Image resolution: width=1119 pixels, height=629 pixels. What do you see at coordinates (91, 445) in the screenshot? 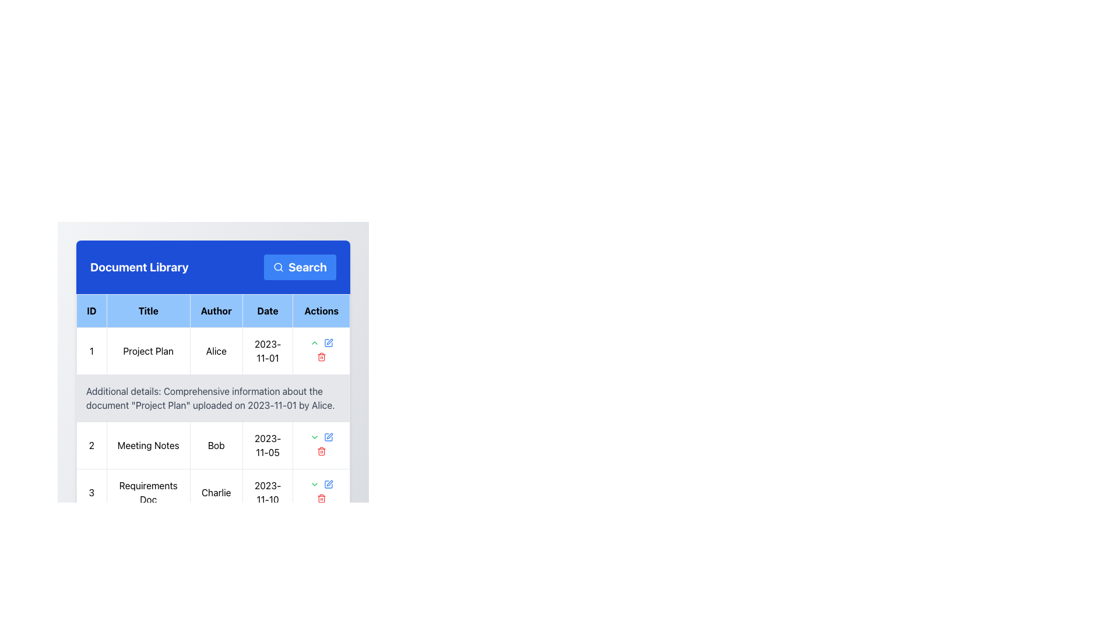
I see `the content of the text element displaying the number '2' in a bold font, located in the leftmost cell of the second row under the 'ID' column of the table labeled 'Meeting Notes'` at bounding box center [91, 445].